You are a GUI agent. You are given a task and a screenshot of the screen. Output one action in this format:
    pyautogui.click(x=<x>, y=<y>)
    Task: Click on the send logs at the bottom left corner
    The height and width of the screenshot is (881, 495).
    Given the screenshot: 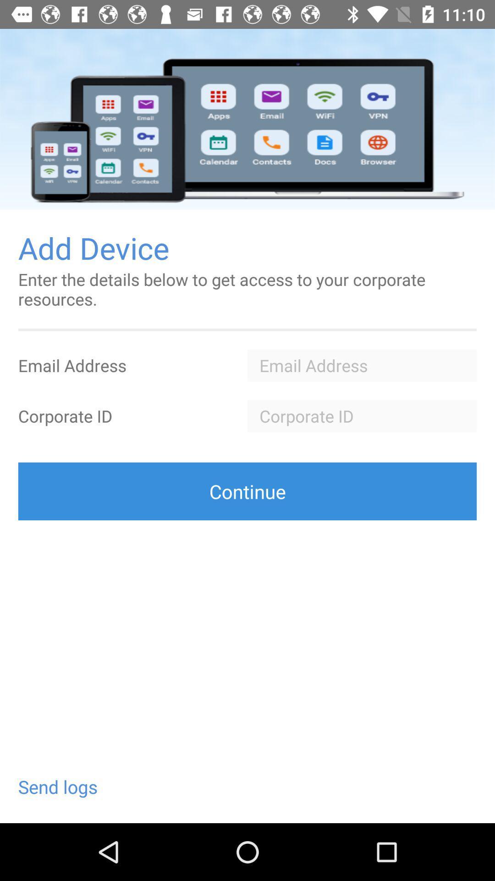 What is the action you would take?
    pyautogui.click(x=58, y=786)
    